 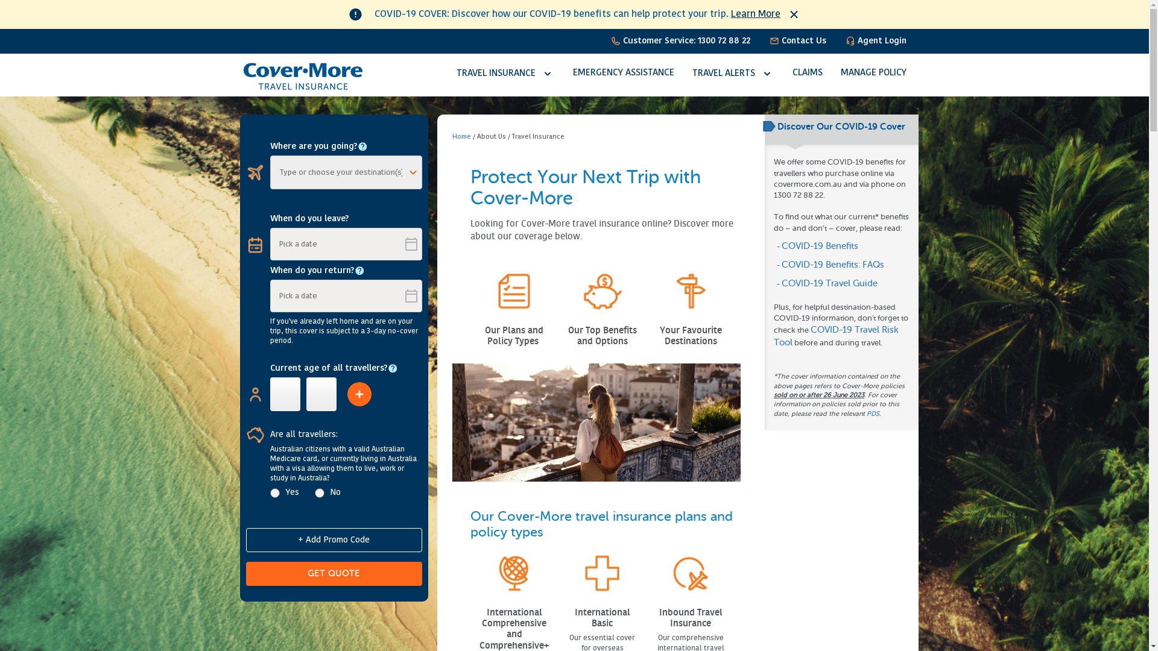 I want to click on 'Home', so click(x=461, y=136).